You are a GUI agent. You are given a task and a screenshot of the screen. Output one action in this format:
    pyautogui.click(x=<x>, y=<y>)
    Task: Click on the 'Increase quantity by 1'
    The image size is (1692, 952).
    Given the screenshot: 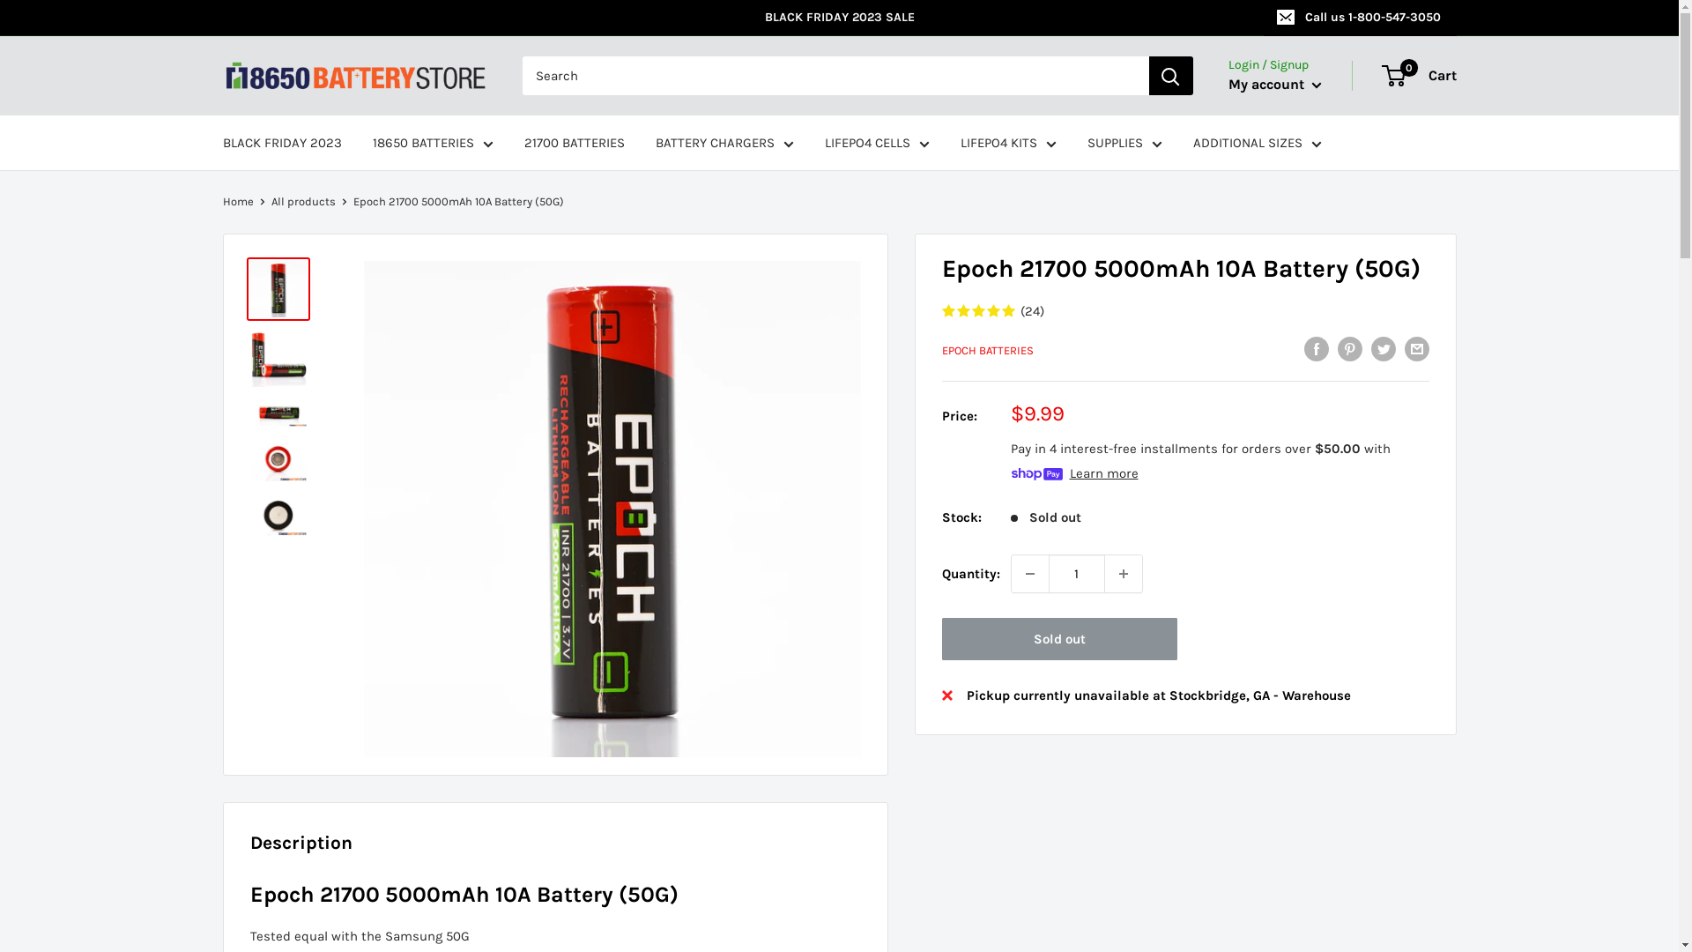 What is the action you would take?
    pyautogui.click(x=1103, y=574)
    